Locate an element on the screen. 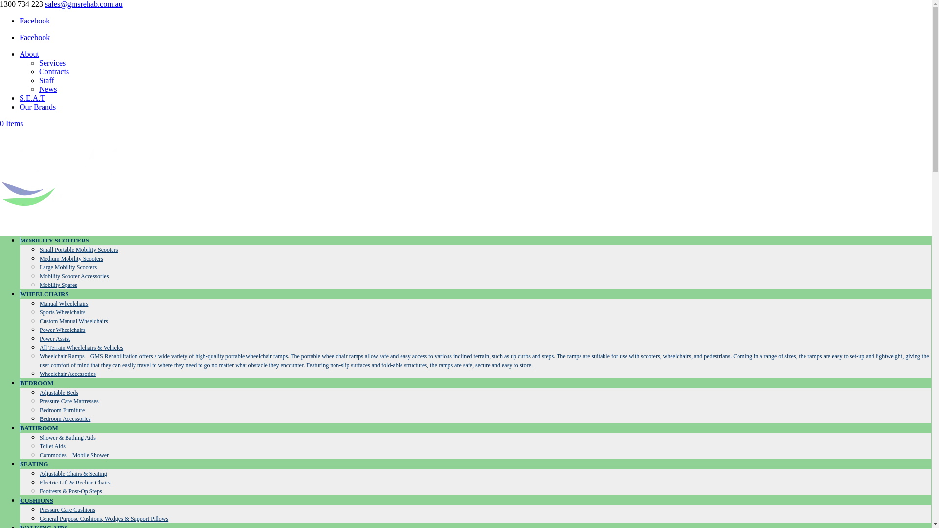 This screenshot has width=939, height=528. 'Wheelchair Accessories' is located at coordinates (39, 374).